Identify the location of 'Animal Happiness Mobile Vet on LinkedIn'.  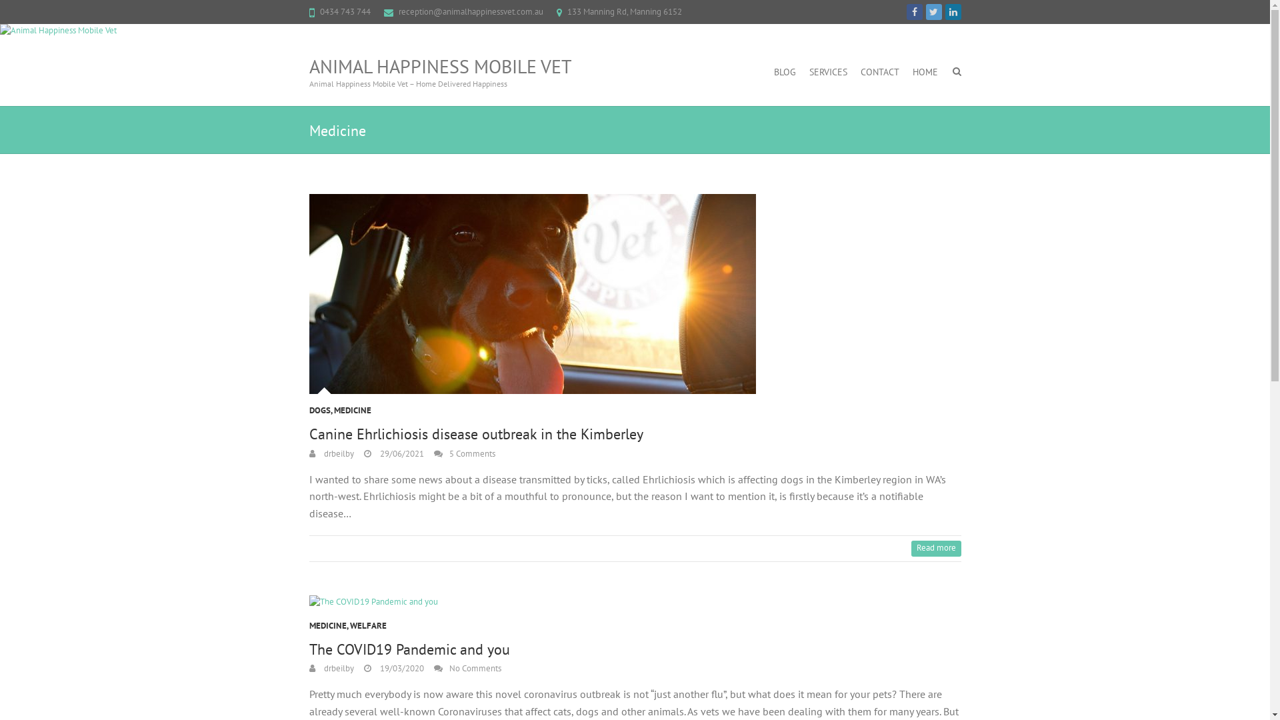
(953, 12).